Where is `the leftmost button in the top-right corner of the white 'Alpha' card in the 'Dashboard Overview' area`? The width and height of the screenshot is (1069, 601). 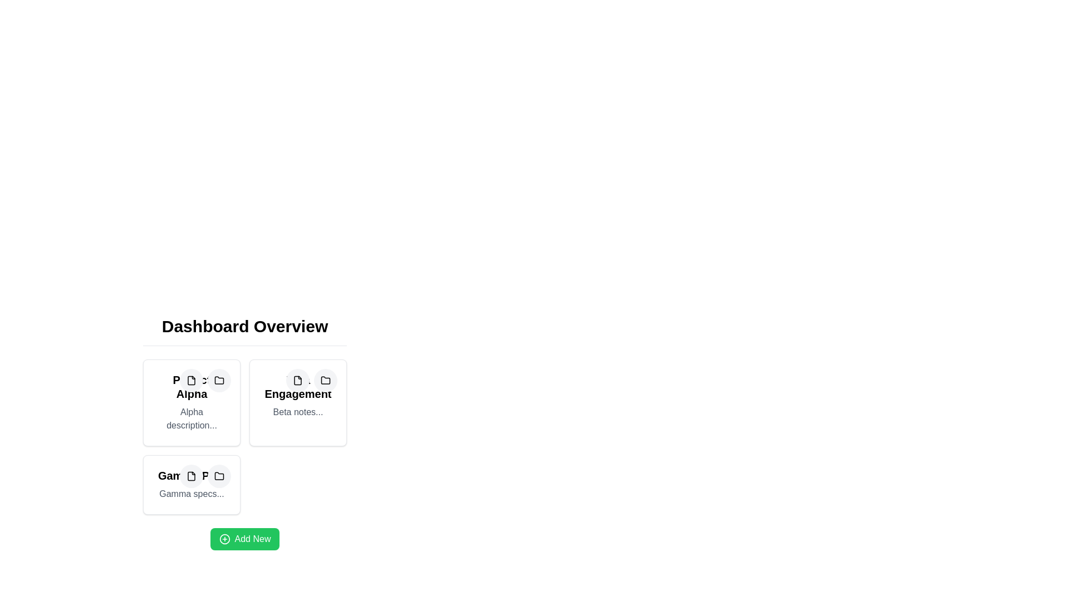
the leftmost button in the top-right corner of the white 'Alpha' card in the 'Dashboard Overview' area is located at coordinates (192, 380).